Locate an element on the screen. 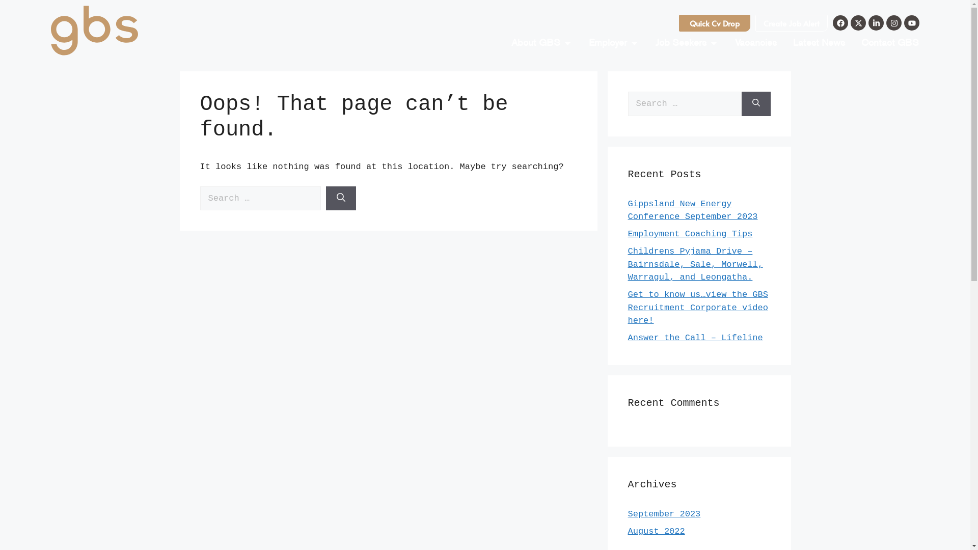  'Search for:' is located at coordinates (684, 104).